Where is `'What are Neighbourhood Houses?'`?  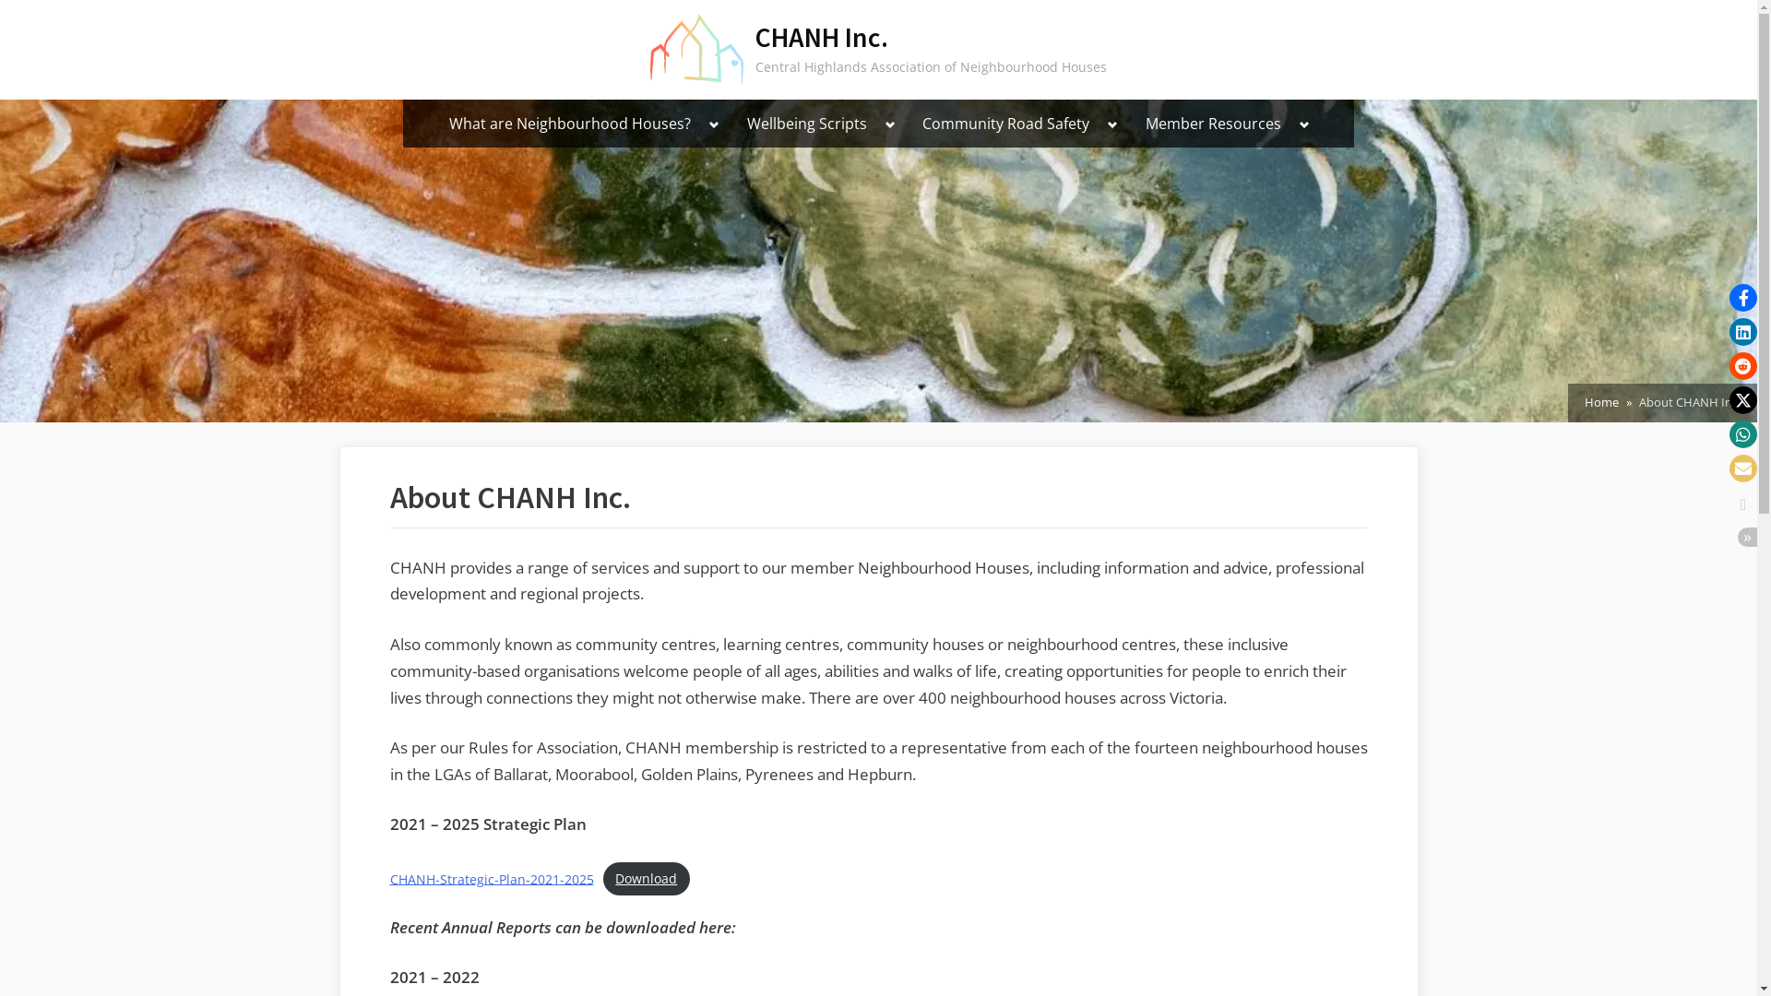 'What are Neighbourhood Houses?' is located at coordinates (437, 124).